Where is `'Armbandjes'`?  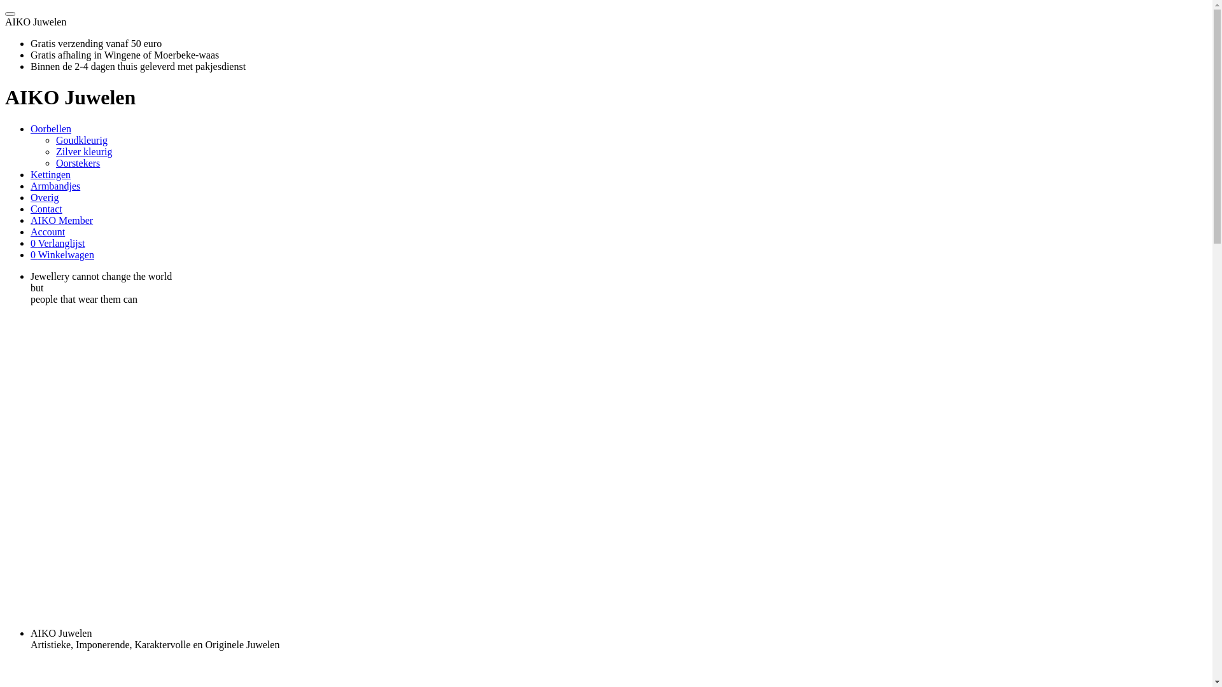 'Armbandjes' is located at coordinates (31, 186).